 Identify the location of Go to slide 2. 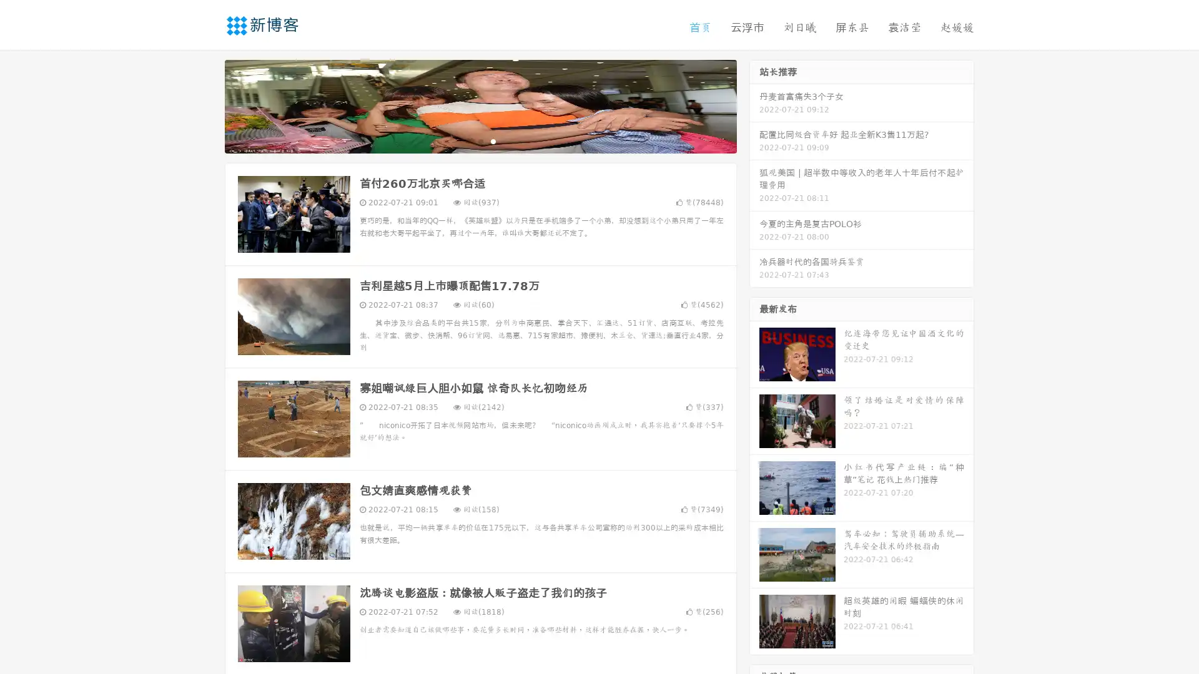
(480, 140).